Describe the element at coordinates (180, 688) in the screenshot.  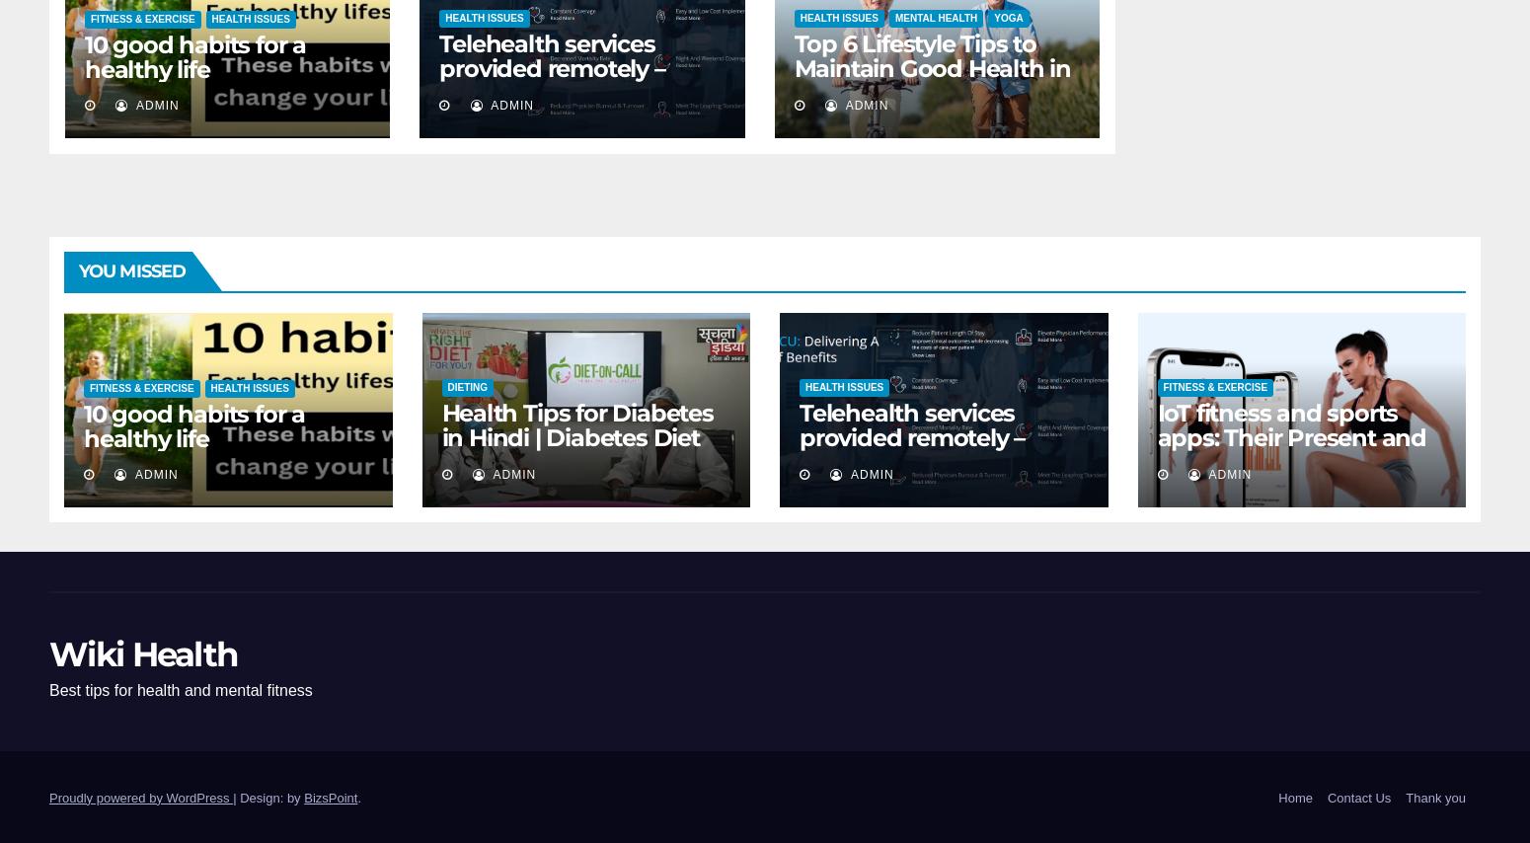
I see `'Best tips for health and mental fitness'` at that location.